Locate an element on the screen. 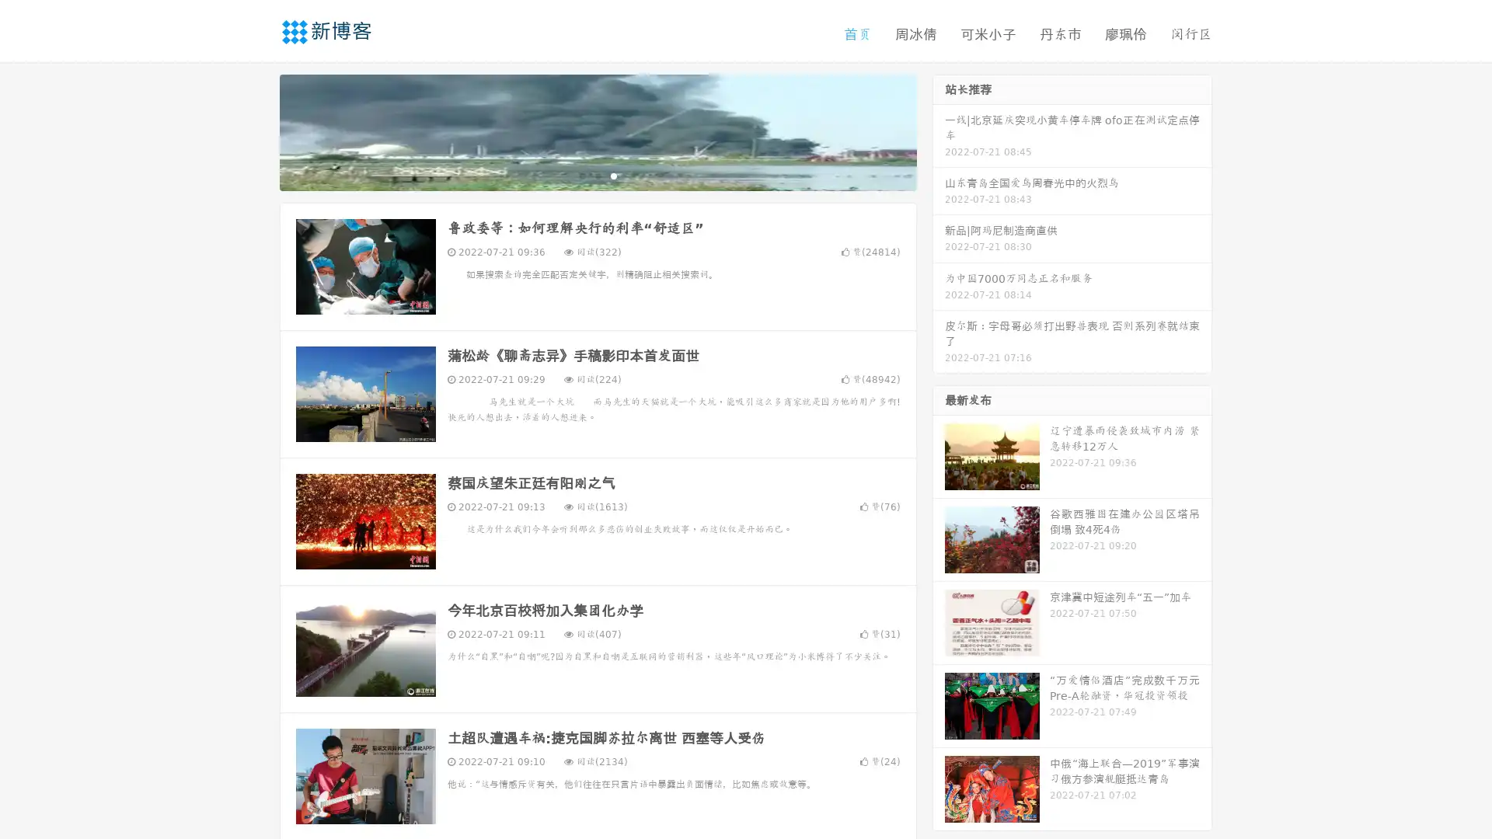 The height and width of the screenshot is (839, 1492). Go to slide 3 is located at coordinates (613, 175).